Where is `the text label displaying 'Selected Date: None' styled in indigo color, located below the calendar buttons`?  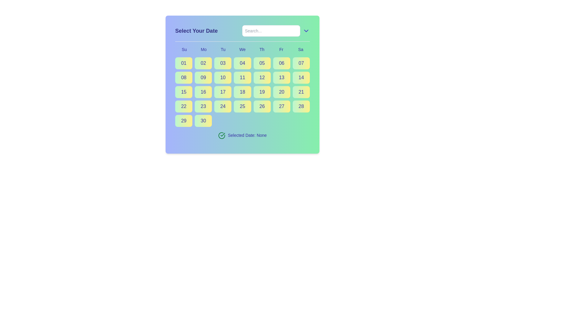 the text label displaying 'Selected Date: None' styled in indigo color, located below the calendar buttons is located at coordinates (247, 135).